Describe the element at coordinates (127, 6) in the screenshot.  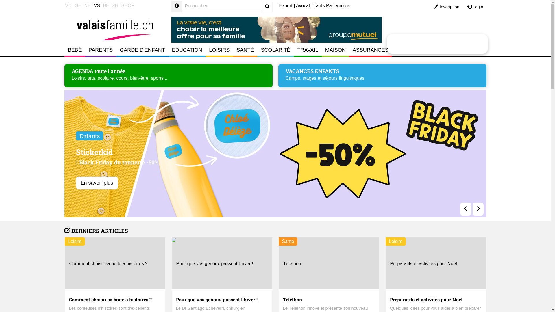
I see `'SHOP'` at that location.